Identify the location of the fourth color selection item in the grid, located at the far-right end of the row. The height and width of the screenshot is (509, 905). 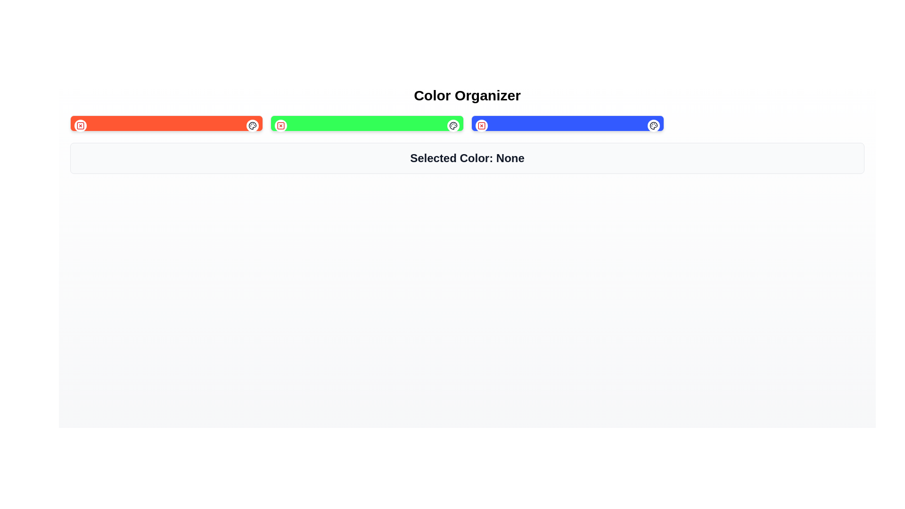
(567, 123).